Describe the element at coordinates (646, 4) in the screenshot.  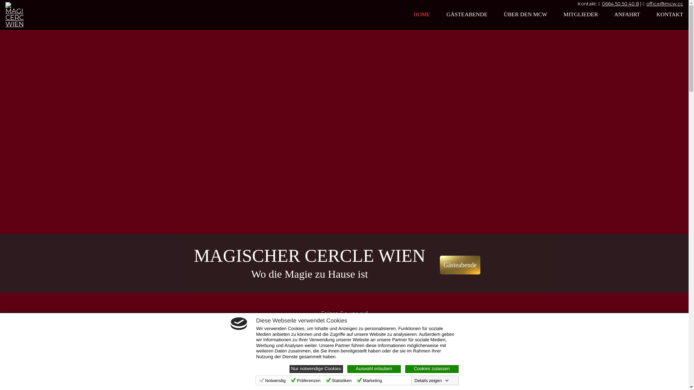
I see `'office@mcw.cc'` at that location.